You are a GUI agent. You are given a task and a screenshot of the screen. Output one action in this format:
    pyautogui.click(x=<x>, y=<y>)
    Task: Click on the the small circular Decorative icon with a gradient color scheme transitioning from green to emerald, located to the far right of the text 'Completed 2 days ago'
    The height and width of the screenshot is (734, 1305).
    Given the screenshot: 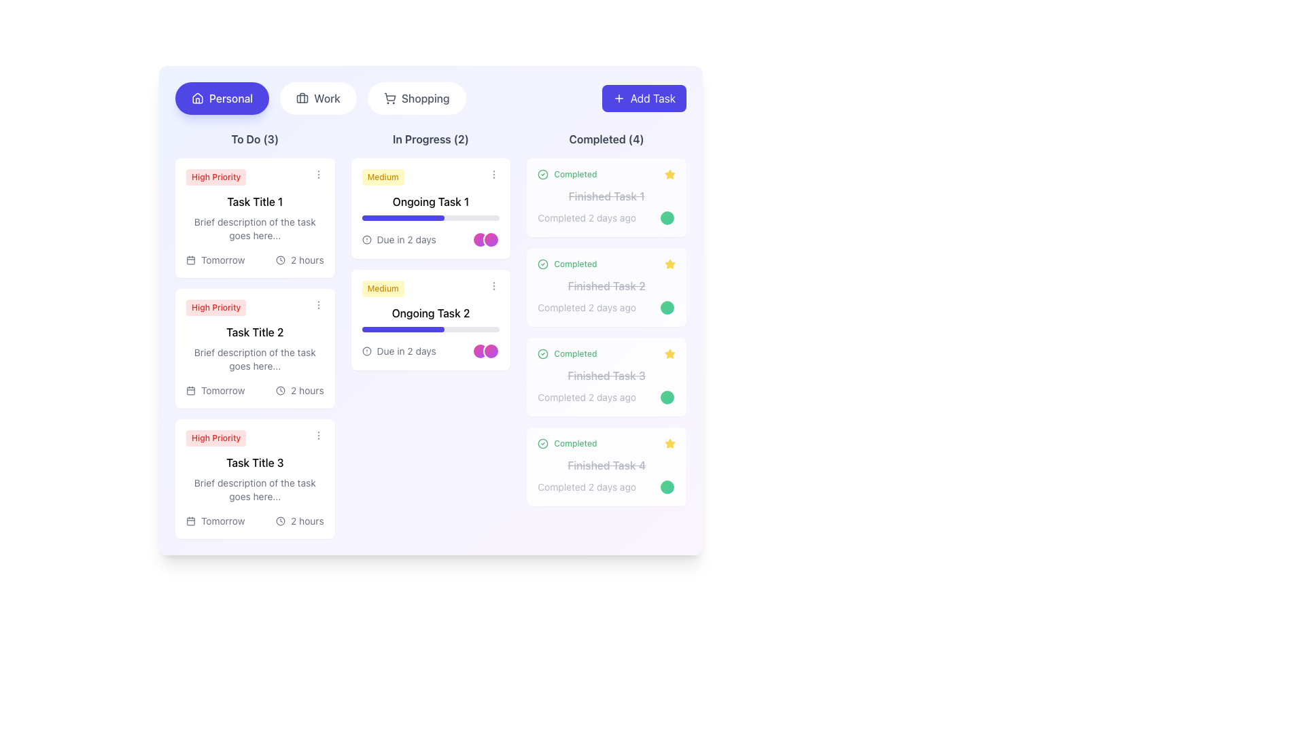 What is the action you would take?
    pyautogui.click(x=667, y=217)
    